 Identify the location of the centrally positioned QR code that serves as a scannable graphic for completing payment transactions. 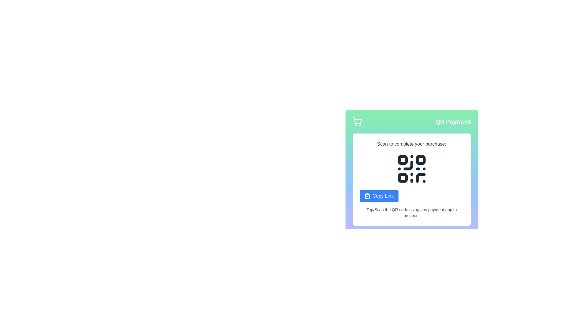
(411, 169).